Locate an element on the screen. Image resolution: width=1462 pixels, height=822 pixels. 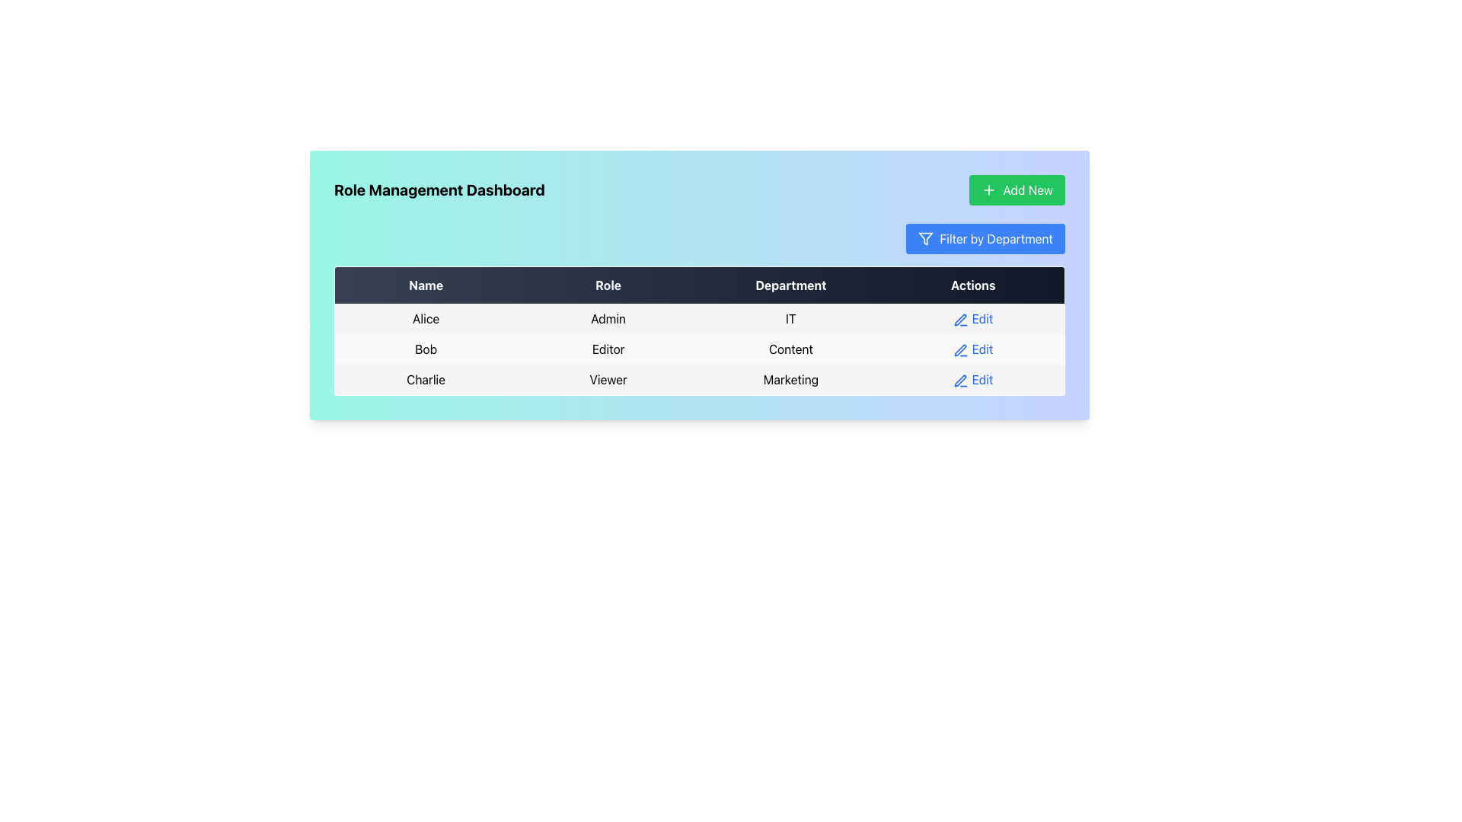
the blue pen icon in the 'Actions' column of the second row of the table, which indicates an editing tool is located at coordinates (960, 350).